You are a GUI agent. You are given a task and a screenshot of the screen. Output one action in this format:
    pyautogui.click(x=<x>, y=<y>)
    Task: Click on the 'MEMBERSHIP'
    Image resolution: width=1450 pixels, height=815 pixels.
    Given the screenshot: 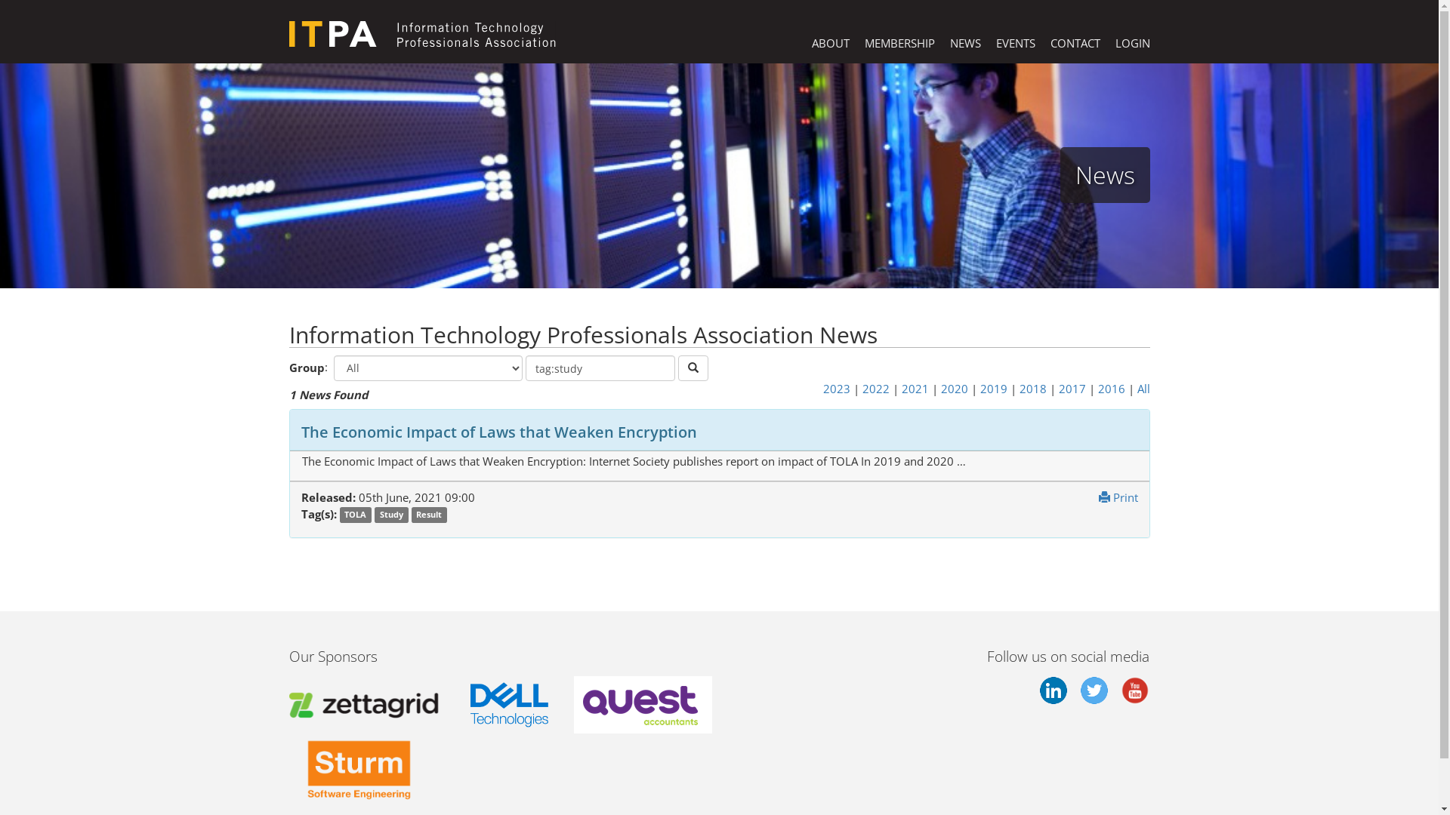 What is the action you would take?
    pyautogui.click(x=899, y=42)
    